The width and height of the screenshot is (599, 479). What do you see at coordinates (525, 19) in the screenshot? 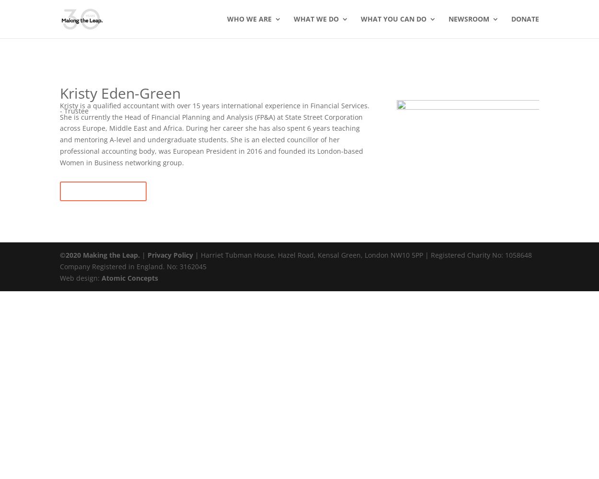
I see `'DONATE'` at bounding box center [525, 19].